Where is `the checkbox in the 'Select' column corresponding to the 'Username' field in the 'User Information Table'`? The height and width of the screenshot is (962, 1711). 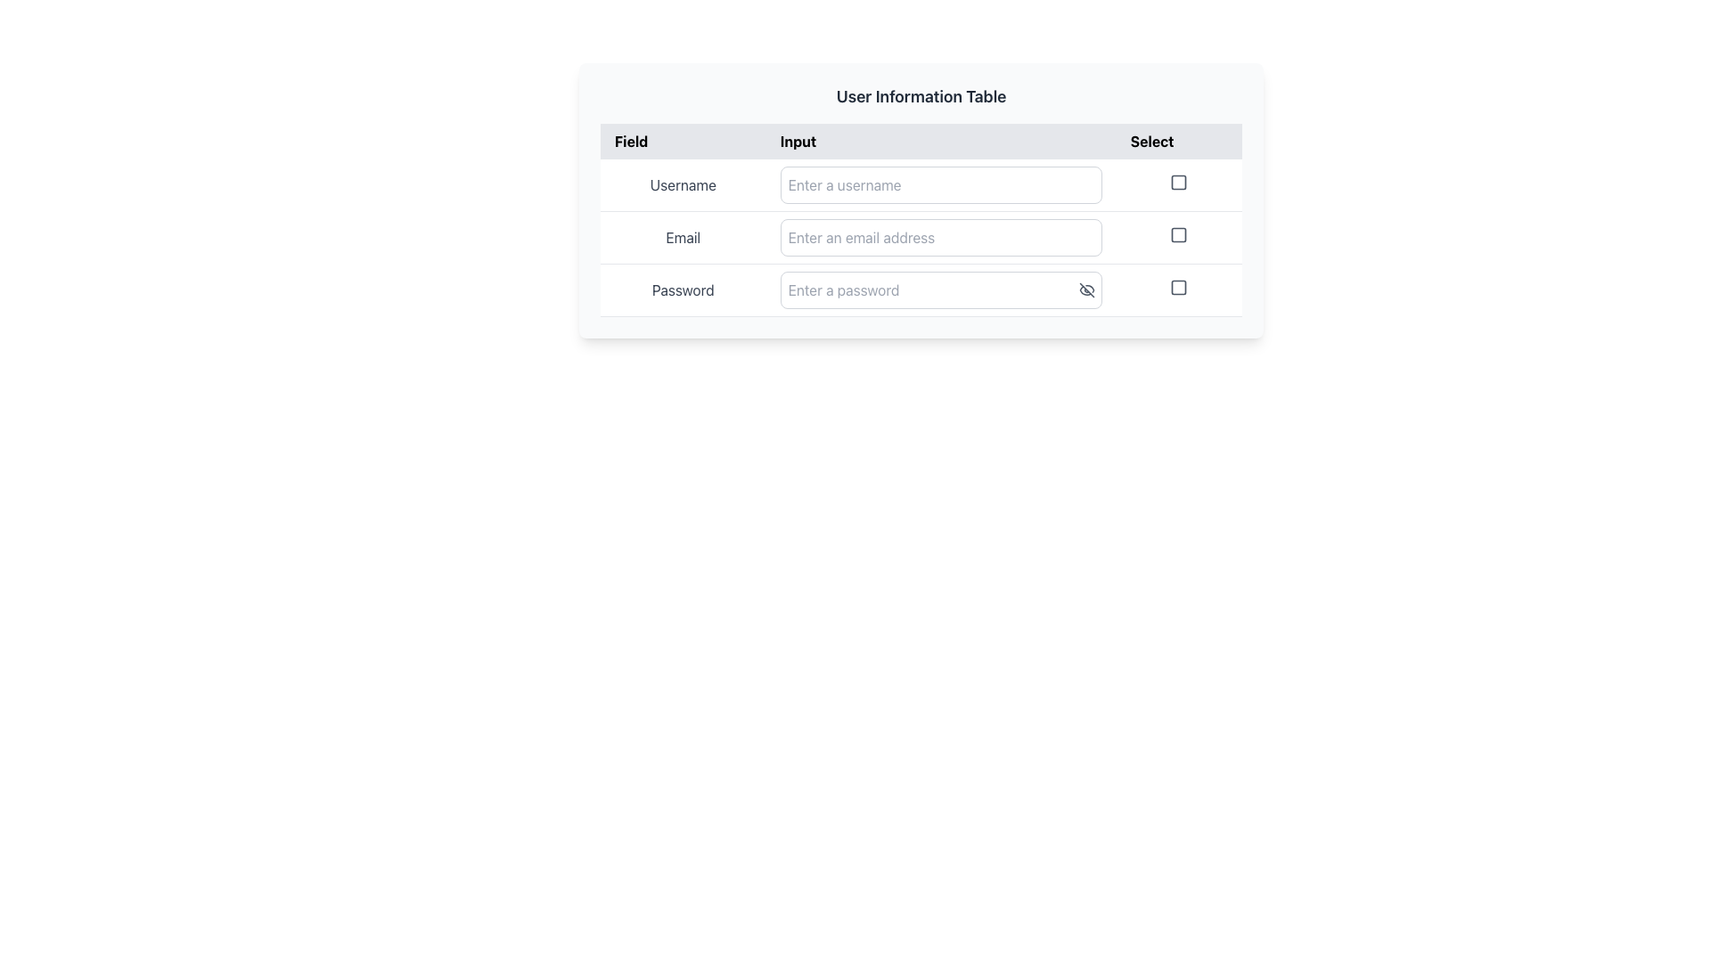 the checkbox in the 'Select' column corresponding to the 'Username' field in the 'User Information Table' is located at coordinates (1179, 182).